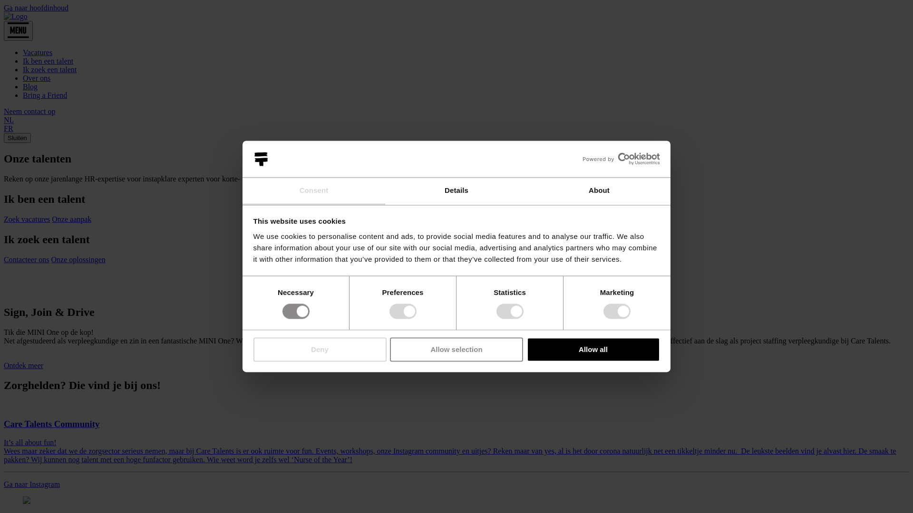  Describe the element at coordinates (598, 191) in the screenshot. I see `'About'` at that location.